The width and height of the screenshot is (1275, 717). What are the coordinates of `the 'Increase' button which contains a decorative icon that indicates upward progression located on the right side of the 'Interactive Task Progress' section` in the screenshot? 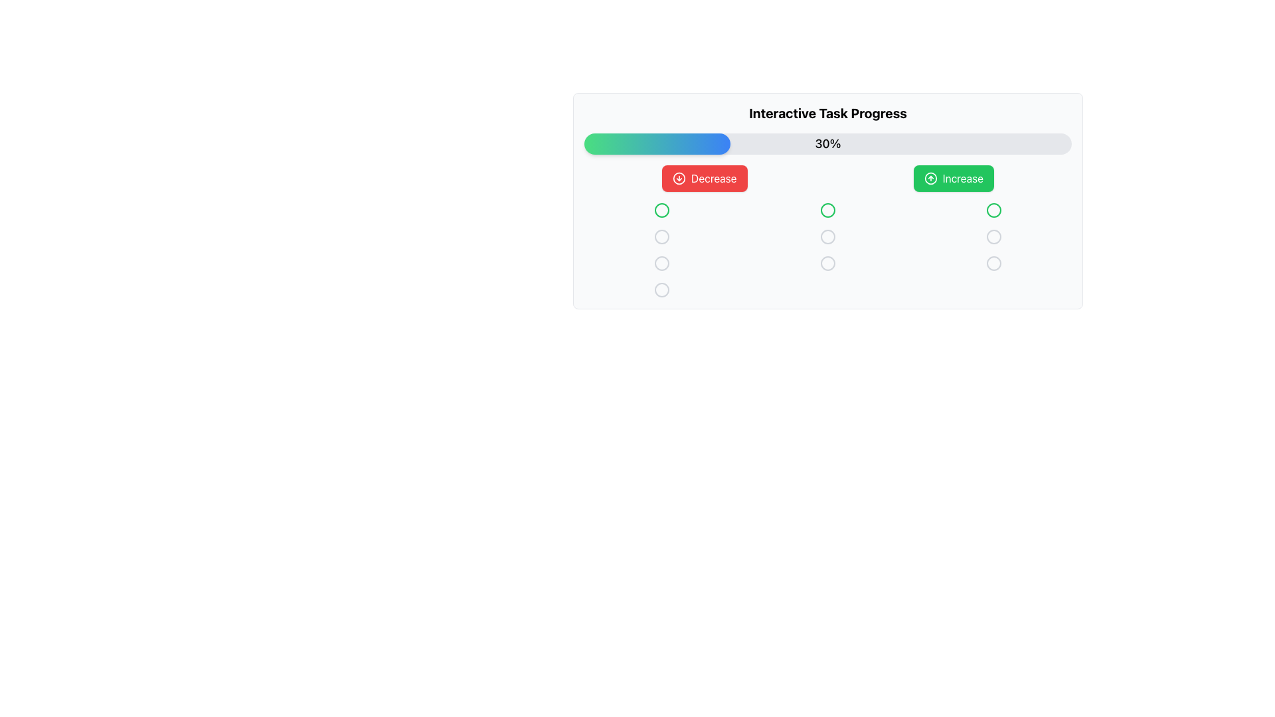 It's located at (930, 178).